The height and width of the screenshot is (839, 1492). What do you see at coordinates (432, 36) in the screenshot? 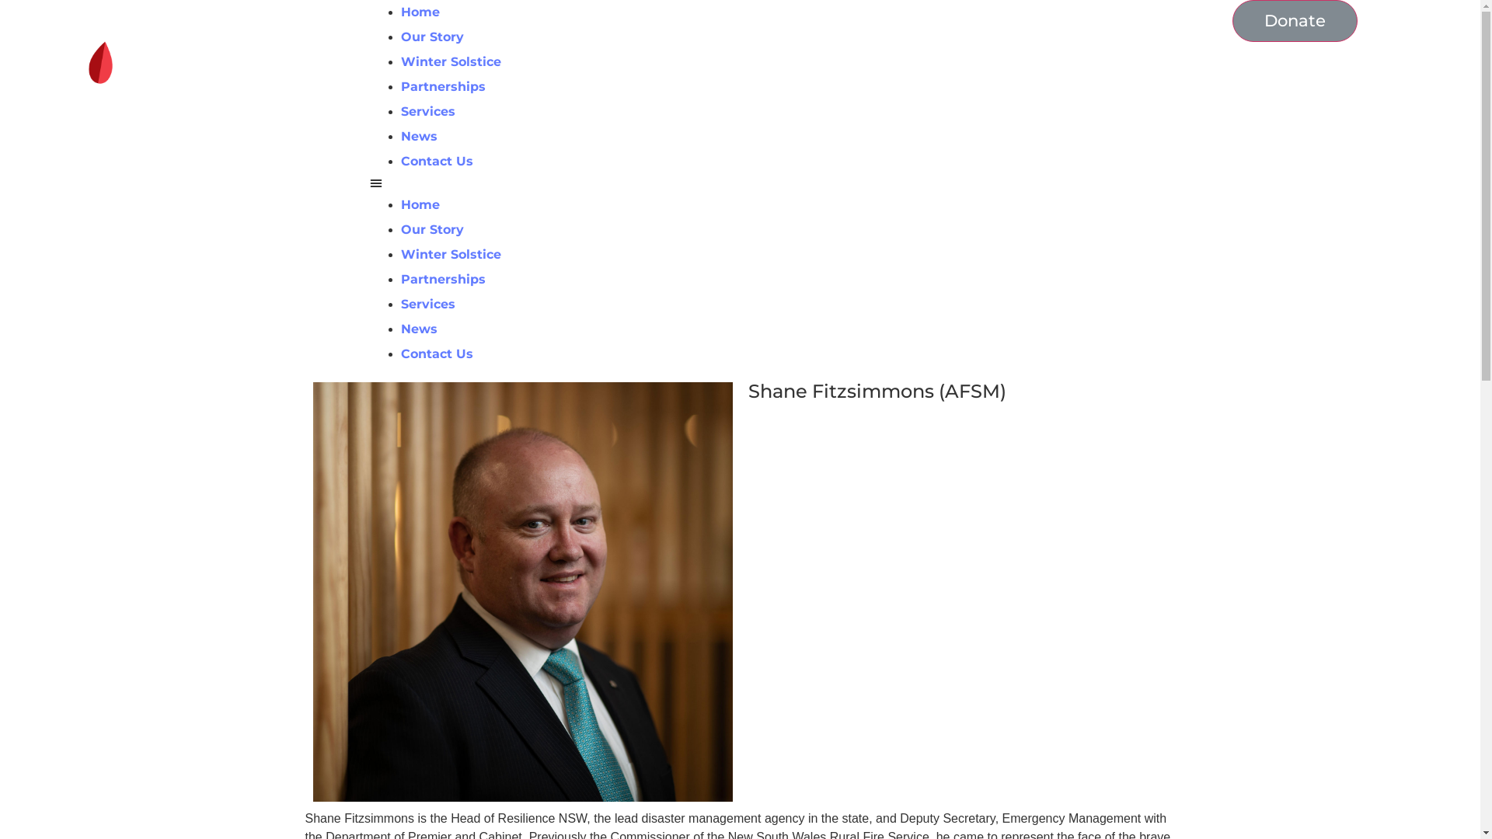
I see `'Our Story'` at bounding box center [432, 36].